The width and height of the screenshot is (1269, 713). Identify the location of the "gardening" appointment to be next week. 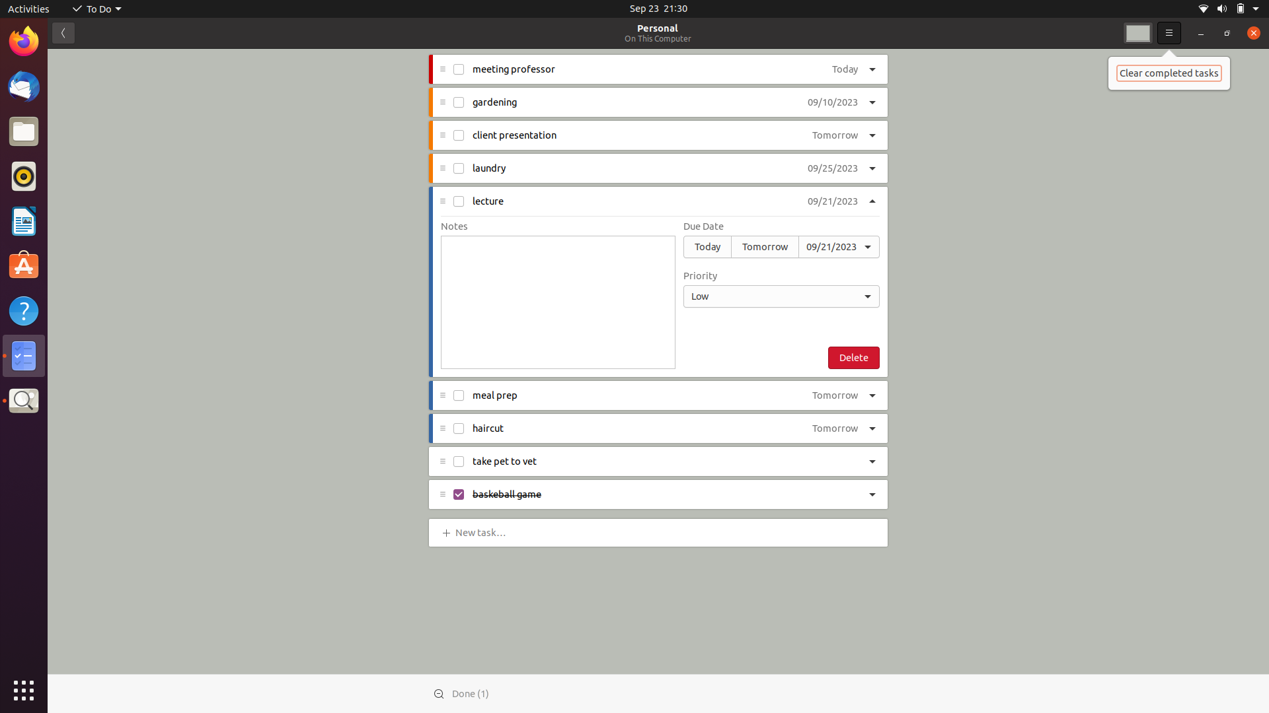
(831, 102).